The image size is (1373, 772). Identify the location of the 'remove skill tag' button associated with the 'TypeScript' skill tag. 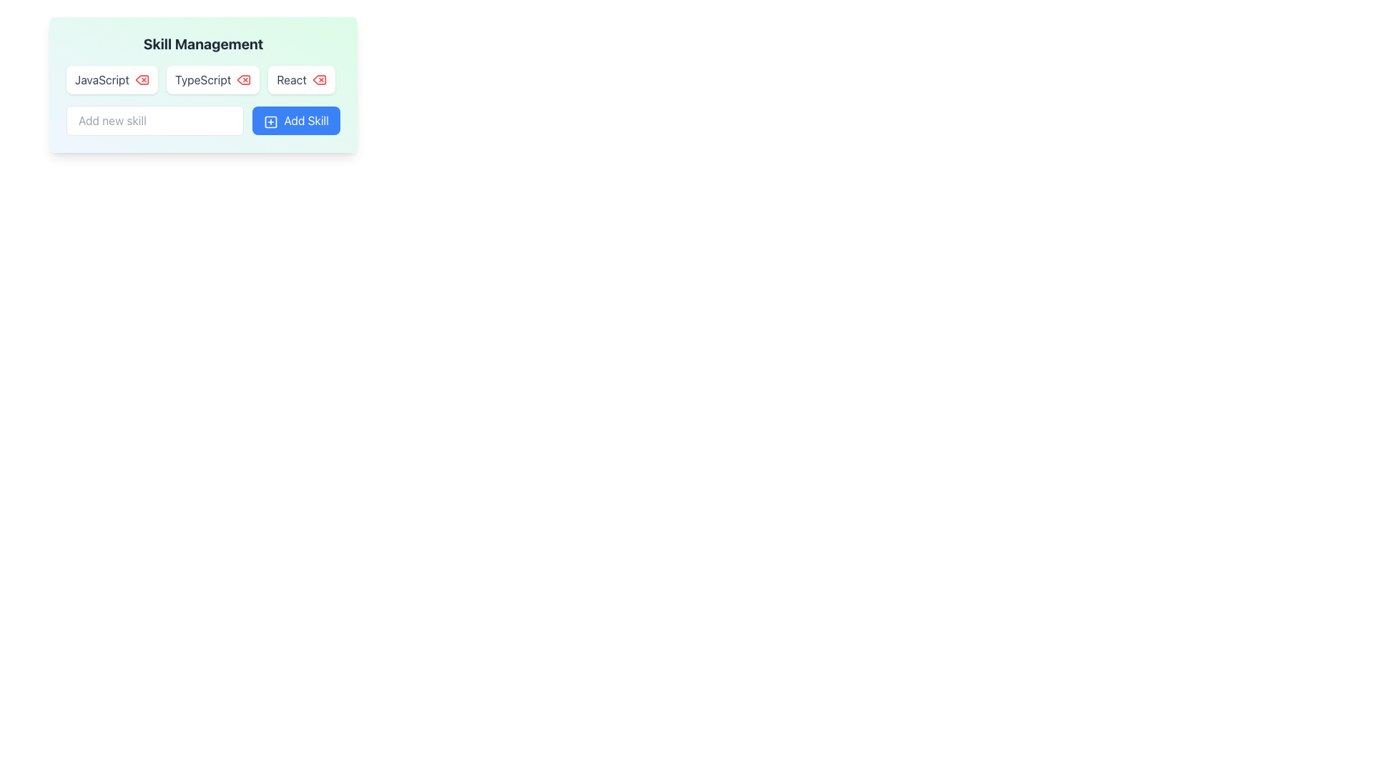
(244, 79).